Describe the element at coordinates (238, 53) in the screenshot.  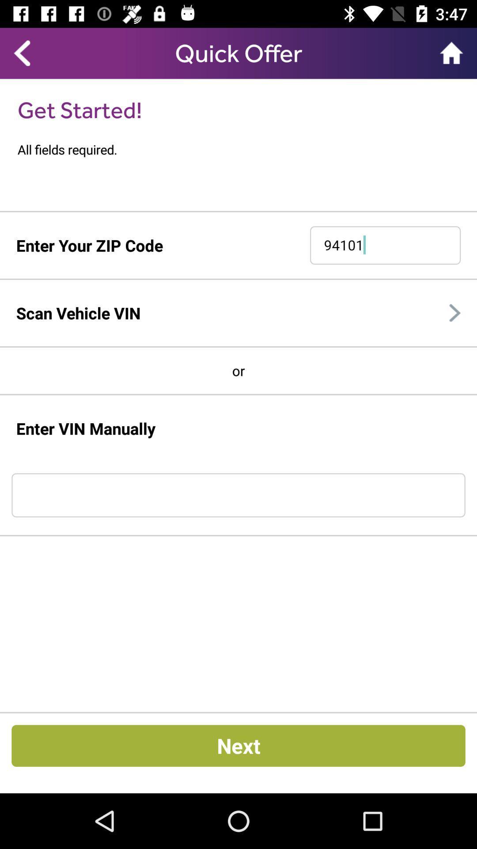
I see `header` at that location.